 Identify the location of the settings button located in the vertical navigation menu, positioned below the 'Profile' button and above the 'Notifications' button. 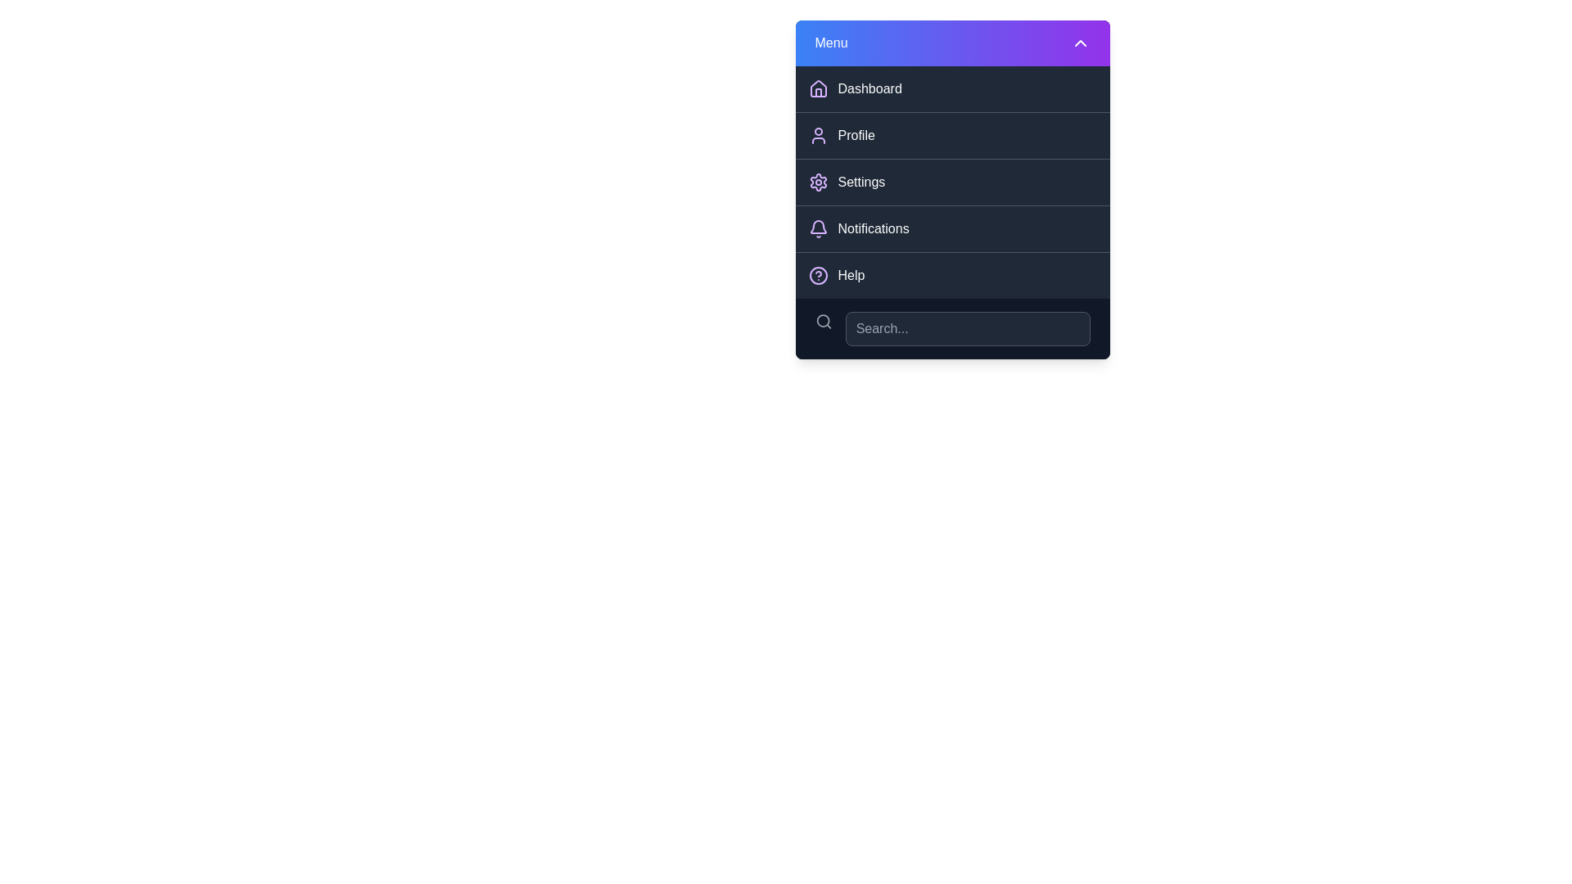
(952, 182).